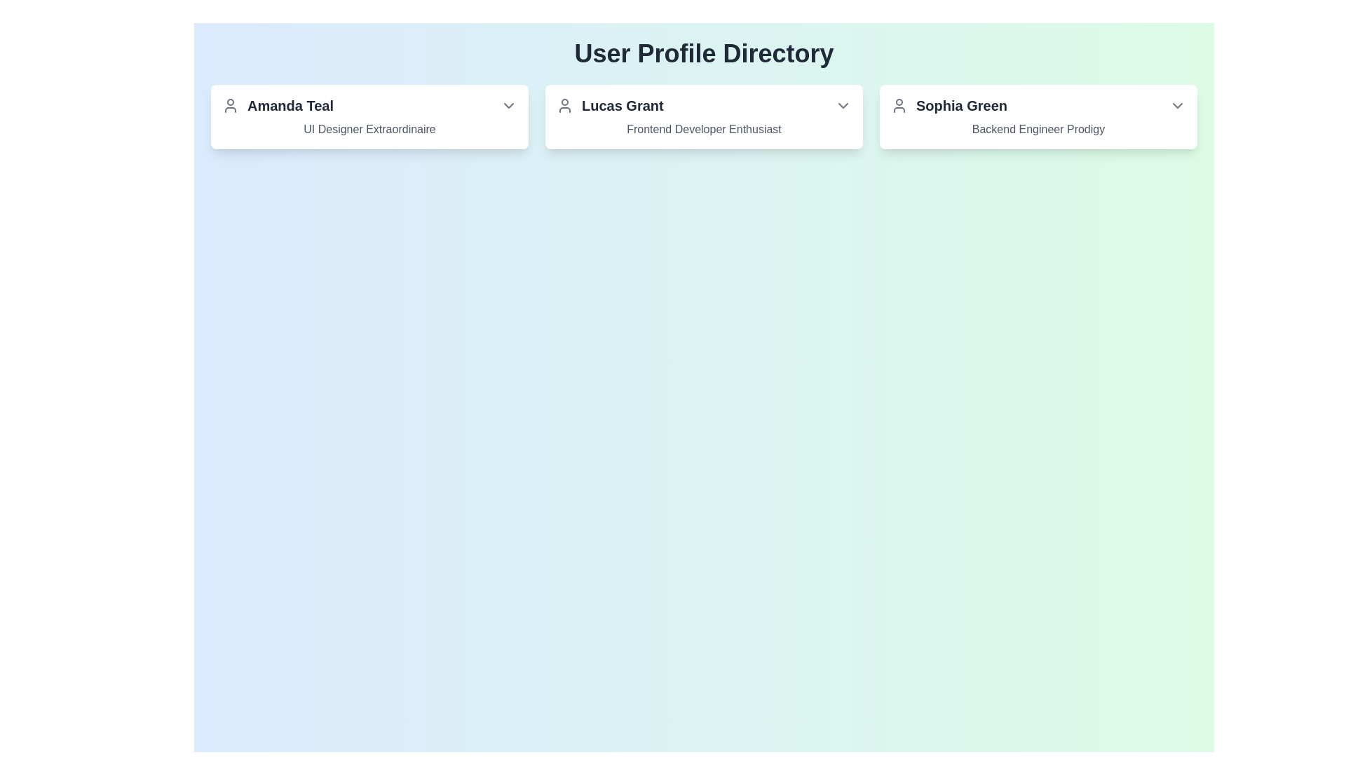  I want to click on the text label 'Lucas Grant' in the profile card, so click(610, 104).